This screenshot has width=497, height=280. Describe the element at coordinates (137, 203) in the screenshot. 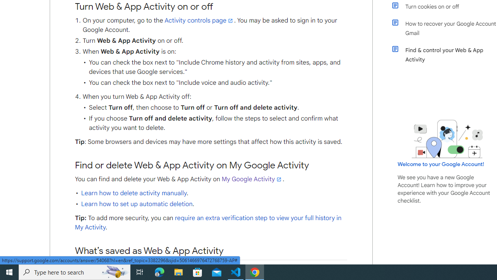

I see `'Learn how to set up automatic deletion'` at that location.